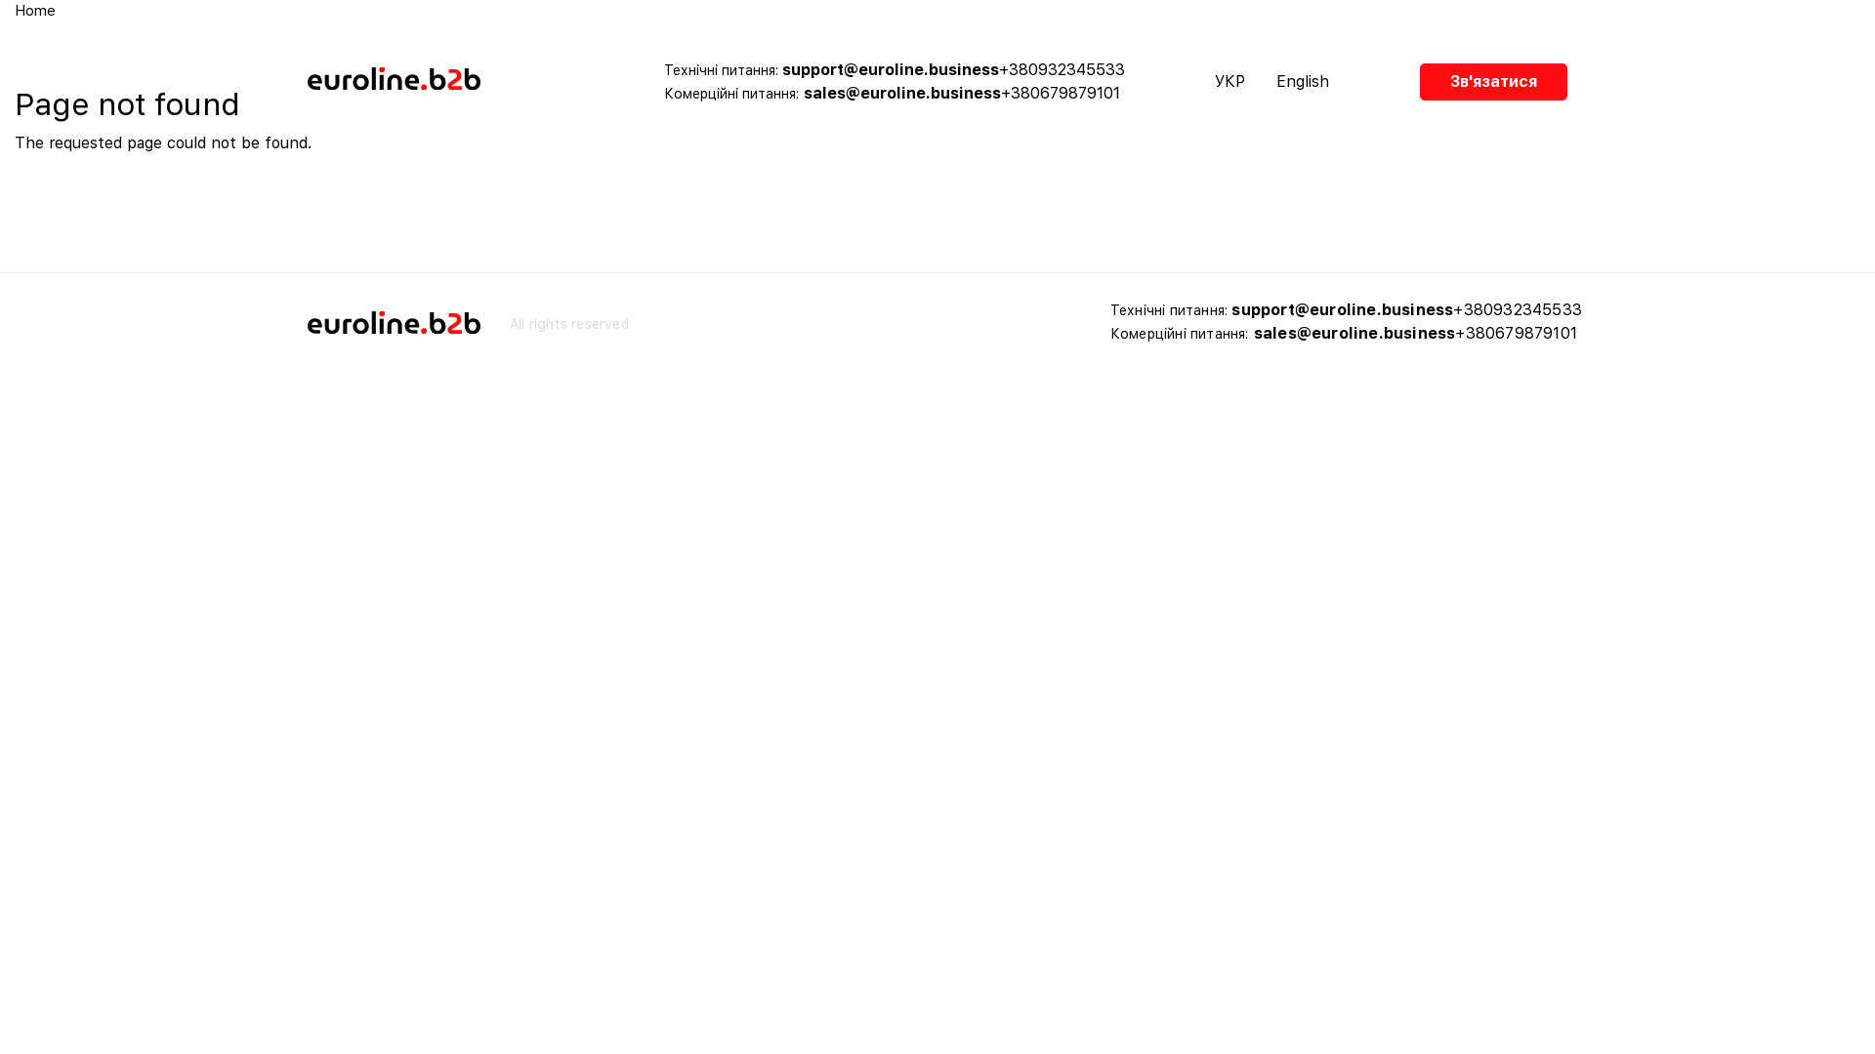 This screenshot has width=1875, height=1054. Describe the element at coordinates (34, 11) in the screenshot. I see `'Home'` at that location.